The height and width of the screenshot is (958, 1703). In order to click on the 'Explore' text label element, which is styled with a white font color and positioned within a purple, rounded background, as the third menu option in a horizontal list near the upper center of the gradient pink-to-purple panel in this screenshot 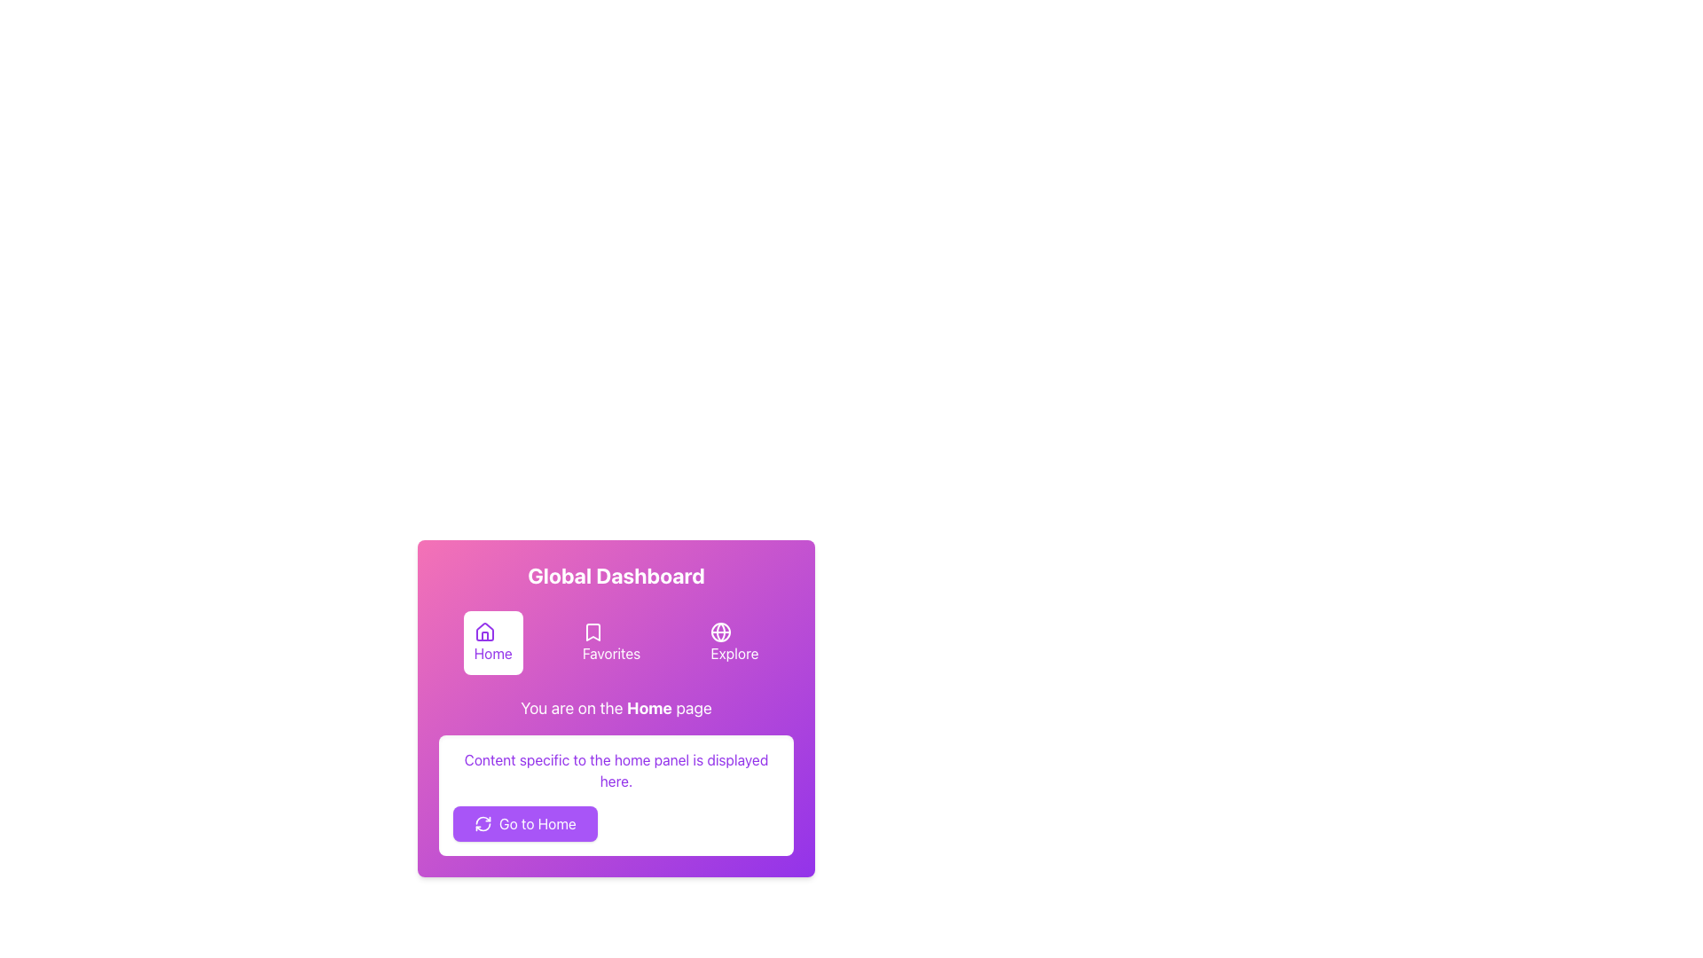, I will do `click(734, 653)`.